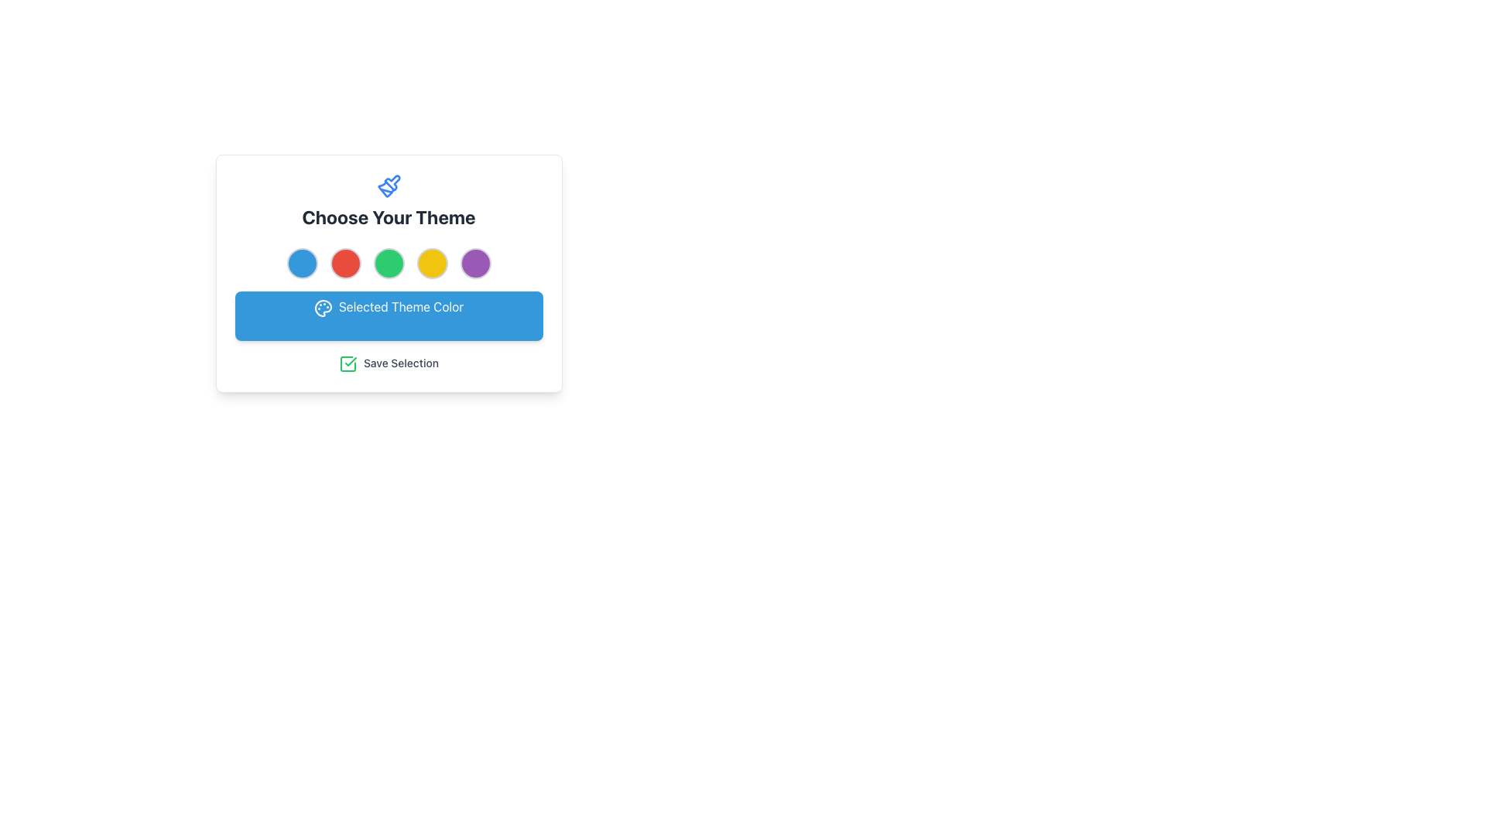  Describe the element at coordinates (322, 308) in the screenshot. I see `the abstract color palette icon within the SVG graphic located above the blue button labeled 'Selected Theme Color'` at that location.